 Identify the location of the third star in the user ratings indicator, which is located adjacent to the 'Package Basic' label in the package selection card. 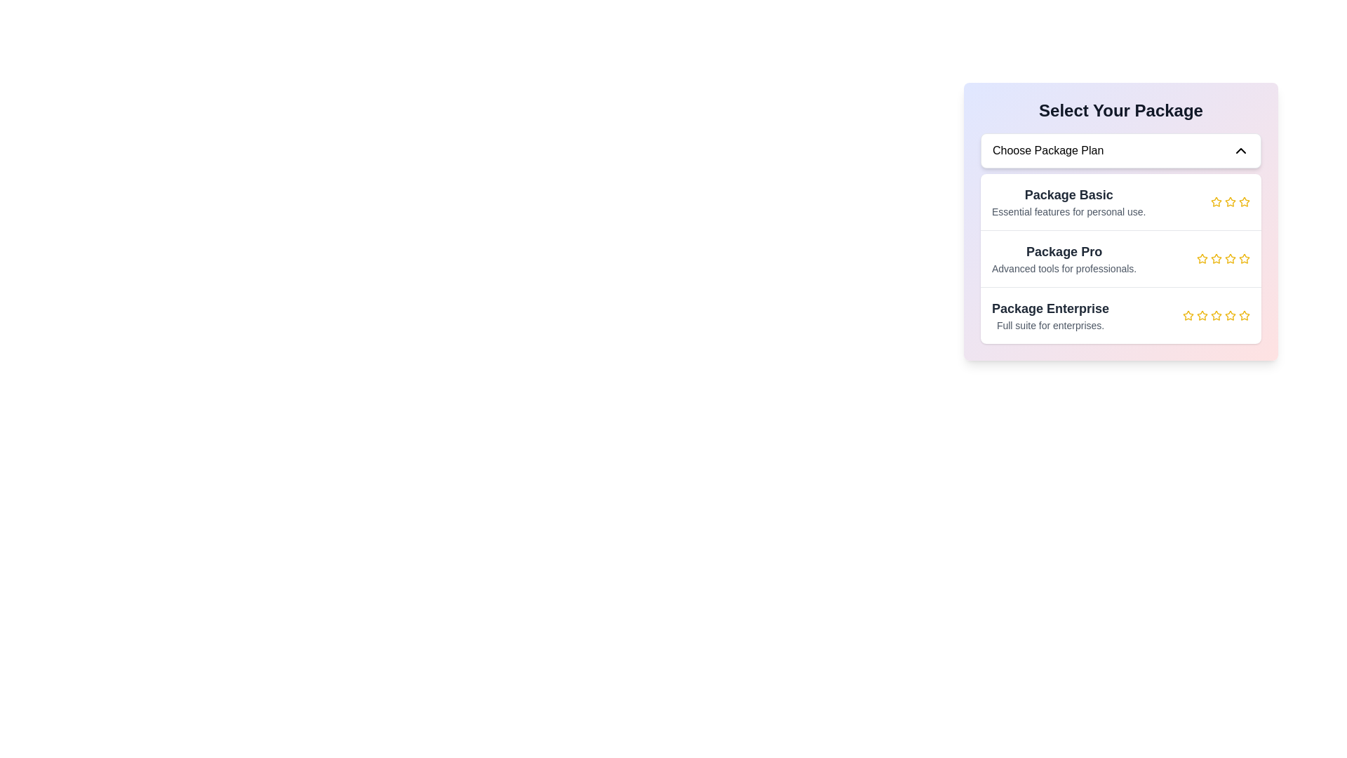
(1229, 202).